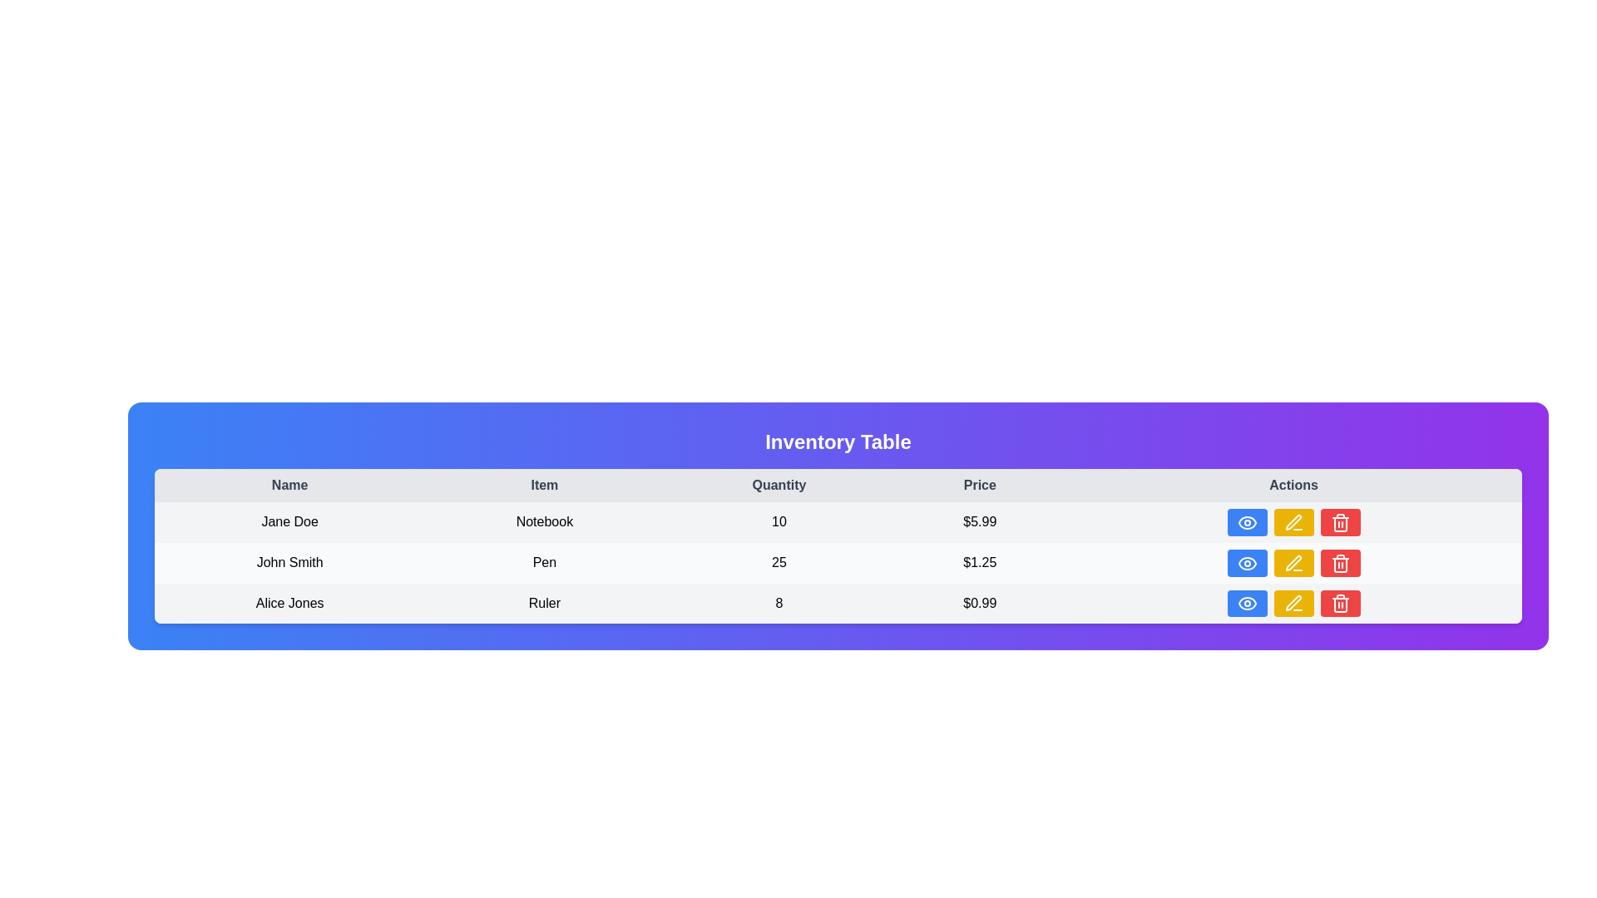 This screenshot has width=1597, height=898. What do you see at coordinates (778, 562) in the screenshot?
I see `the Text label that represents the quantity of the 'Pen' item in the inventory table, located in the 'Quantity' column of the third row, to the right of 'Pen' and to the left of '$1.25'` at bounding box center [778, 562].